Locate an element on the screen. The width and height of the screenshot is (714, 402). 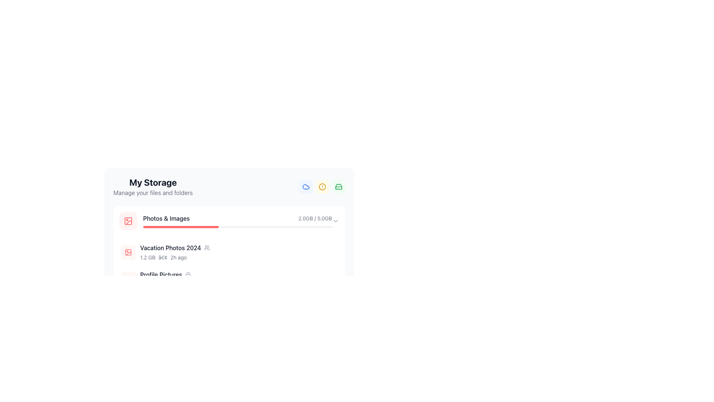
the icons within the 'Photos & Images' card is located at coordinates (229, 251).